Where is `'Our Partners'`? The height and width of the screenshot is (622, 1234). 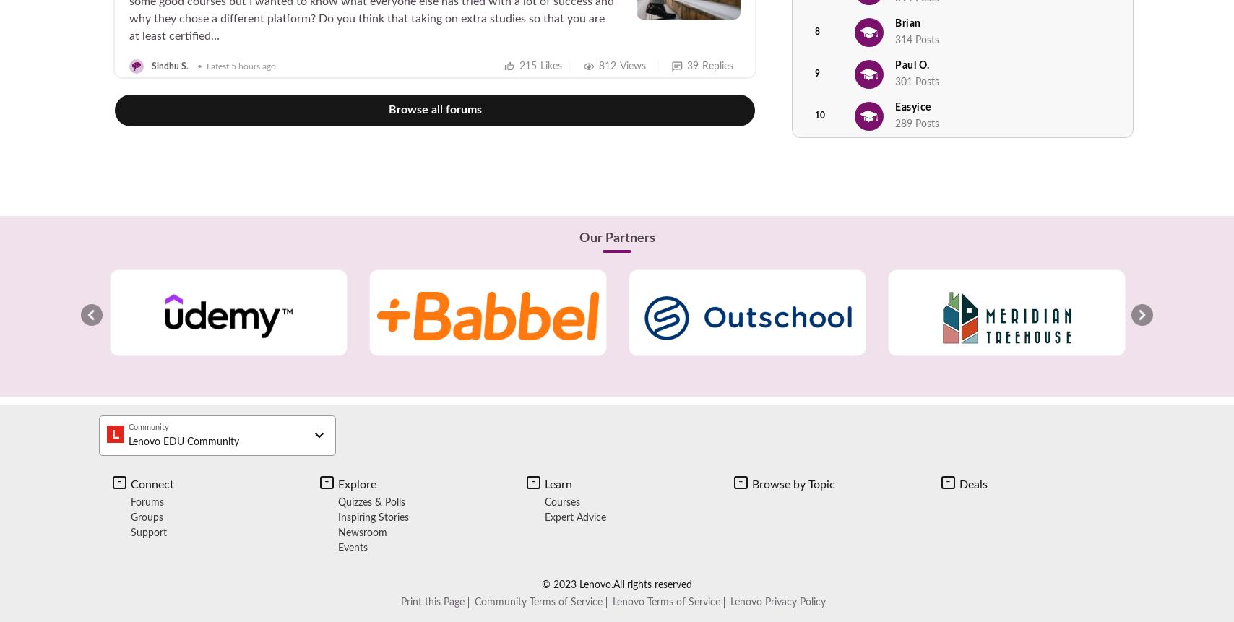
'Our Partners' is located at coordinates (579, 238).